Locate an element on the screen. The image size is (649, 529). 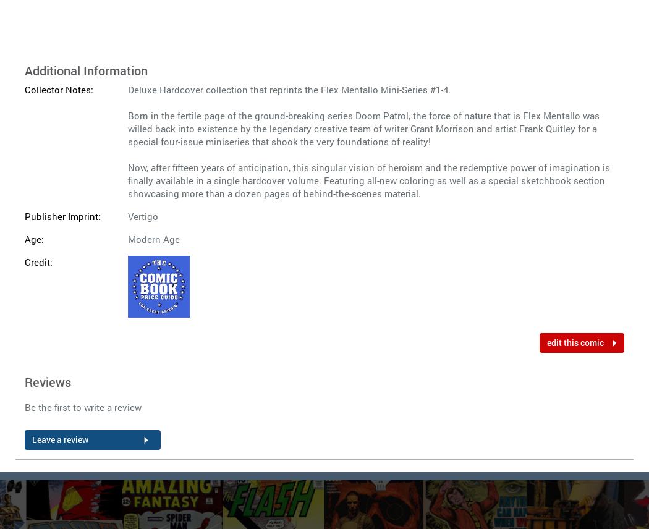
'Age:' is located at coordinates (33, 239).